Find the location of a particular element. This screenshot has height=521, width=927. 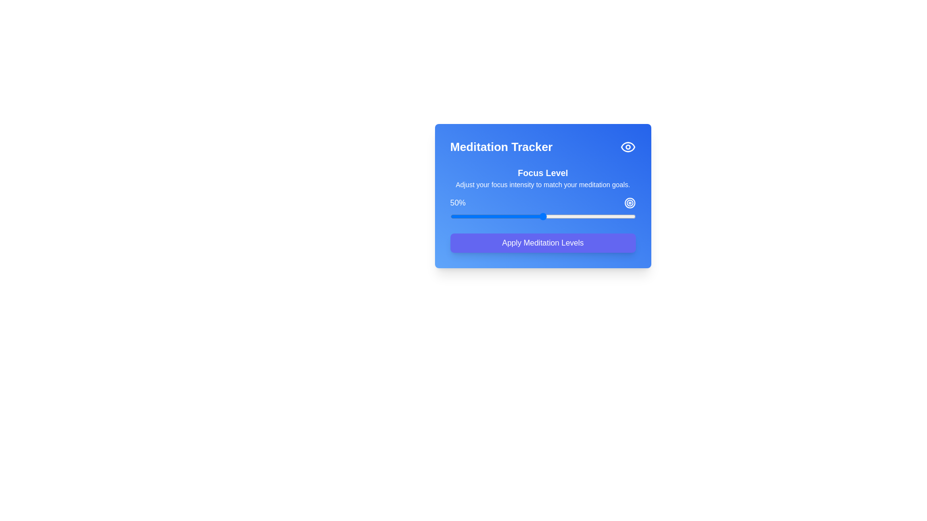

text of the 'Meditation Tracker' heading, which is styled in bold and large font and positioned next to an eye-shaped icon on a blue gradient background is located at coordinates (543, 147).